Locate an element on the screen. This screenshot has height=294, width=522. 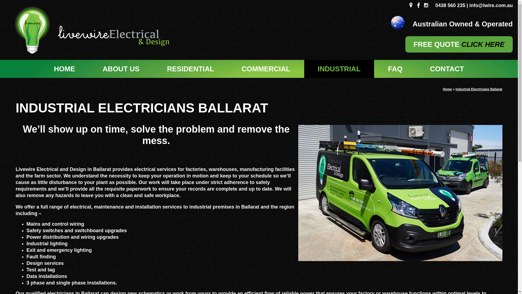
'CONTACT' is located at coordinates (416, 69).